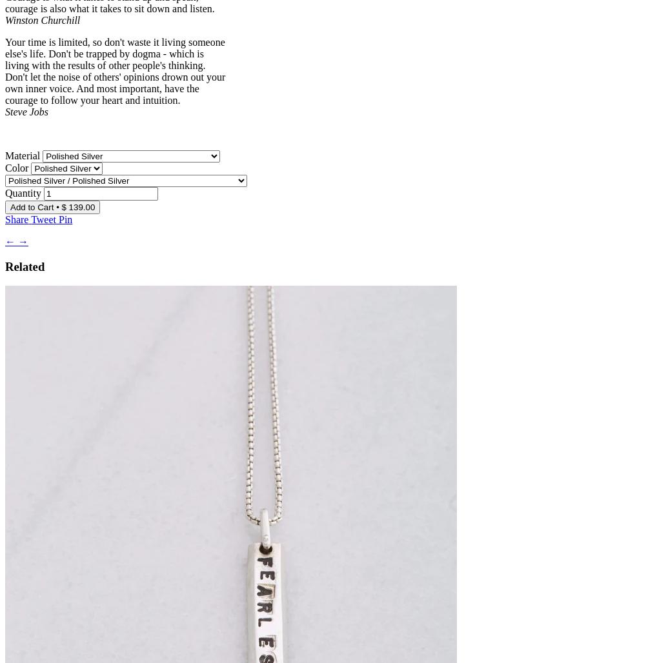 This screenshot has height=663, width=666. Describe the element at coordinates (61, 206) in the screenshot. I see `'$ 139.00'` at that location.